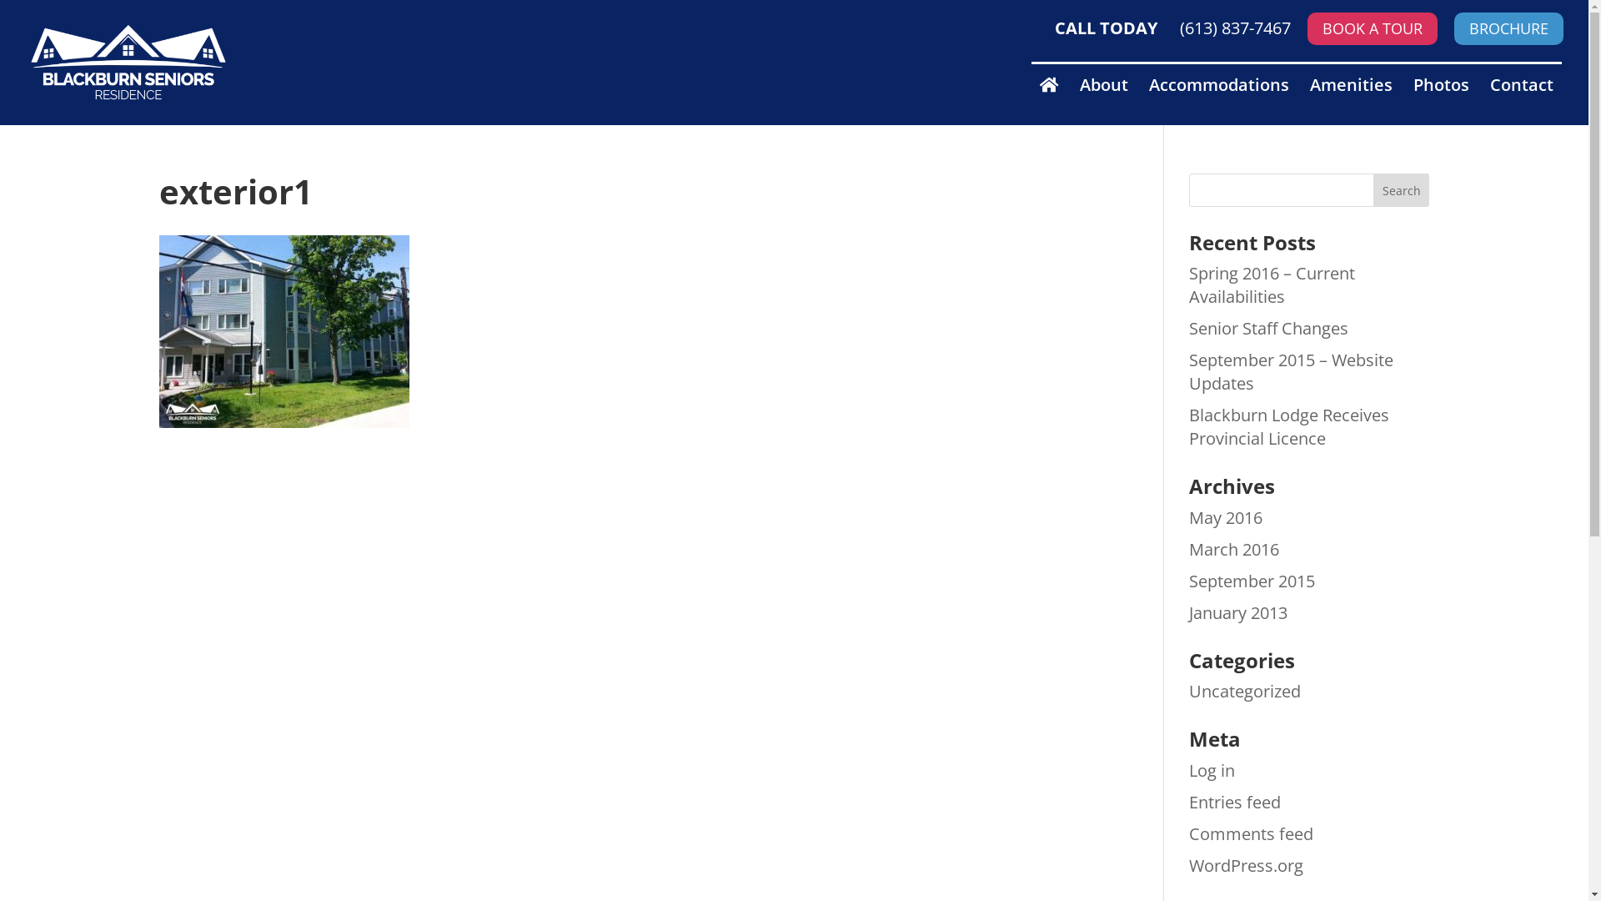  I want to click on 'About', so click(1104, 100).